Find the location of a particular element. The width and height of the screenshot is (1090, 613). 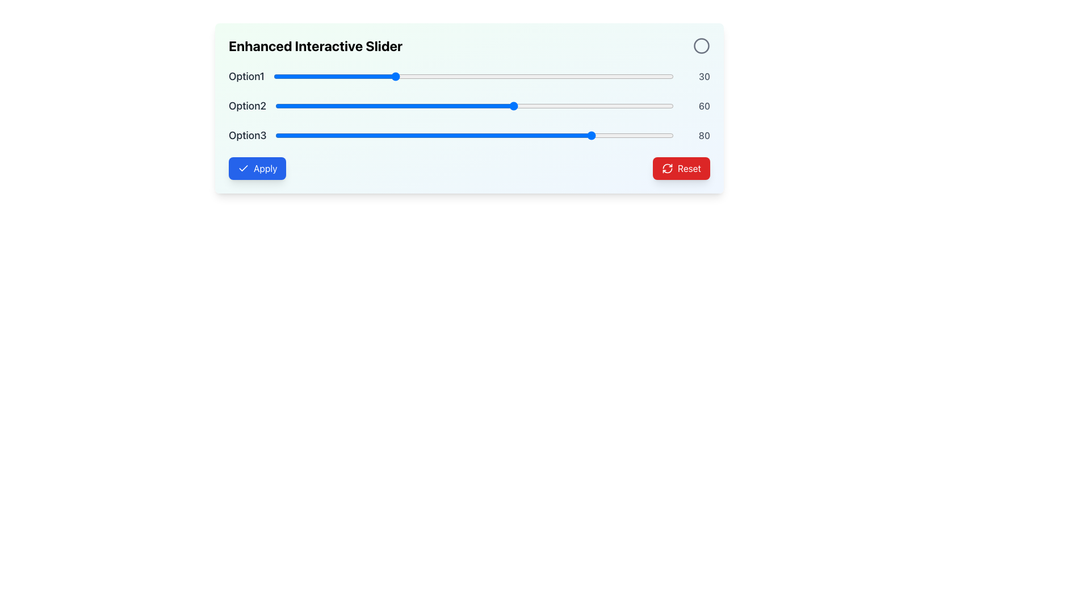

the circular arrow icon used for refresh, located to the left of the 'Reset' button at the bottom right of the panel interface is located at coordinates (667, 169).